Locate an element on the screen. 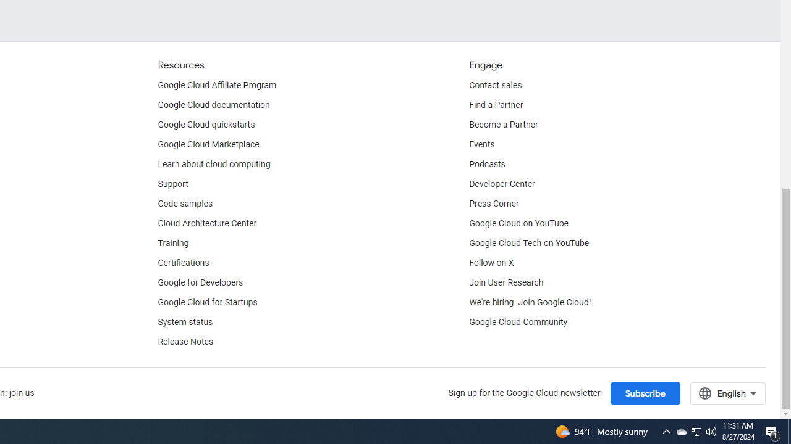 Image resolution: width=791 pixels, height=444 pixels. 'Join User Research' is located at coordinates (506, 282).